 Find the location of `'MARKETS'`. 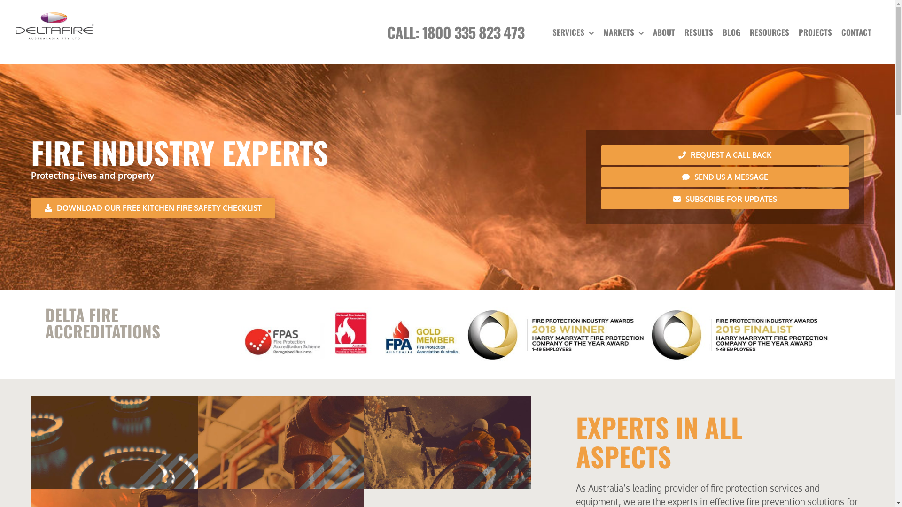

'MARKETS' is located at coordinates (623, 31).